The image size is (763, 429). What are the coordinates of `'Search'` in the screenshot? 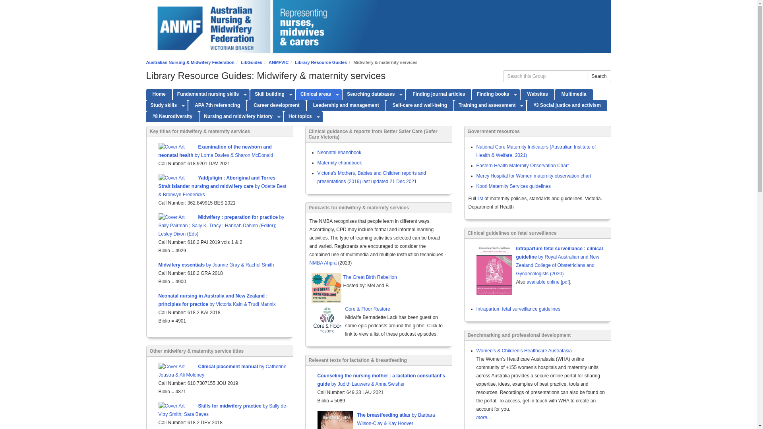 It's located at (599, 76).